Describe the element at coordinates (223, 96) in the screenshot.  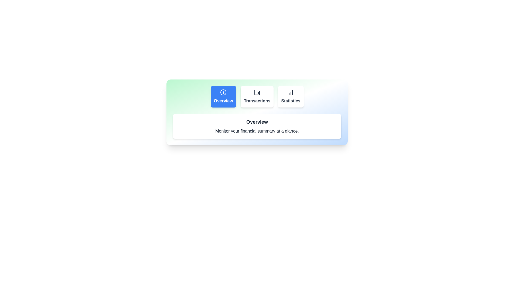
I see `the Overview tab to view its content` at that location.